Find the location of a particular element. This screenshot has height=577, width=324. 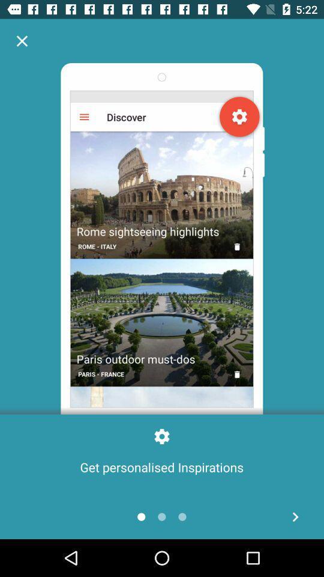

pop up is located at coordinates (22, 41).